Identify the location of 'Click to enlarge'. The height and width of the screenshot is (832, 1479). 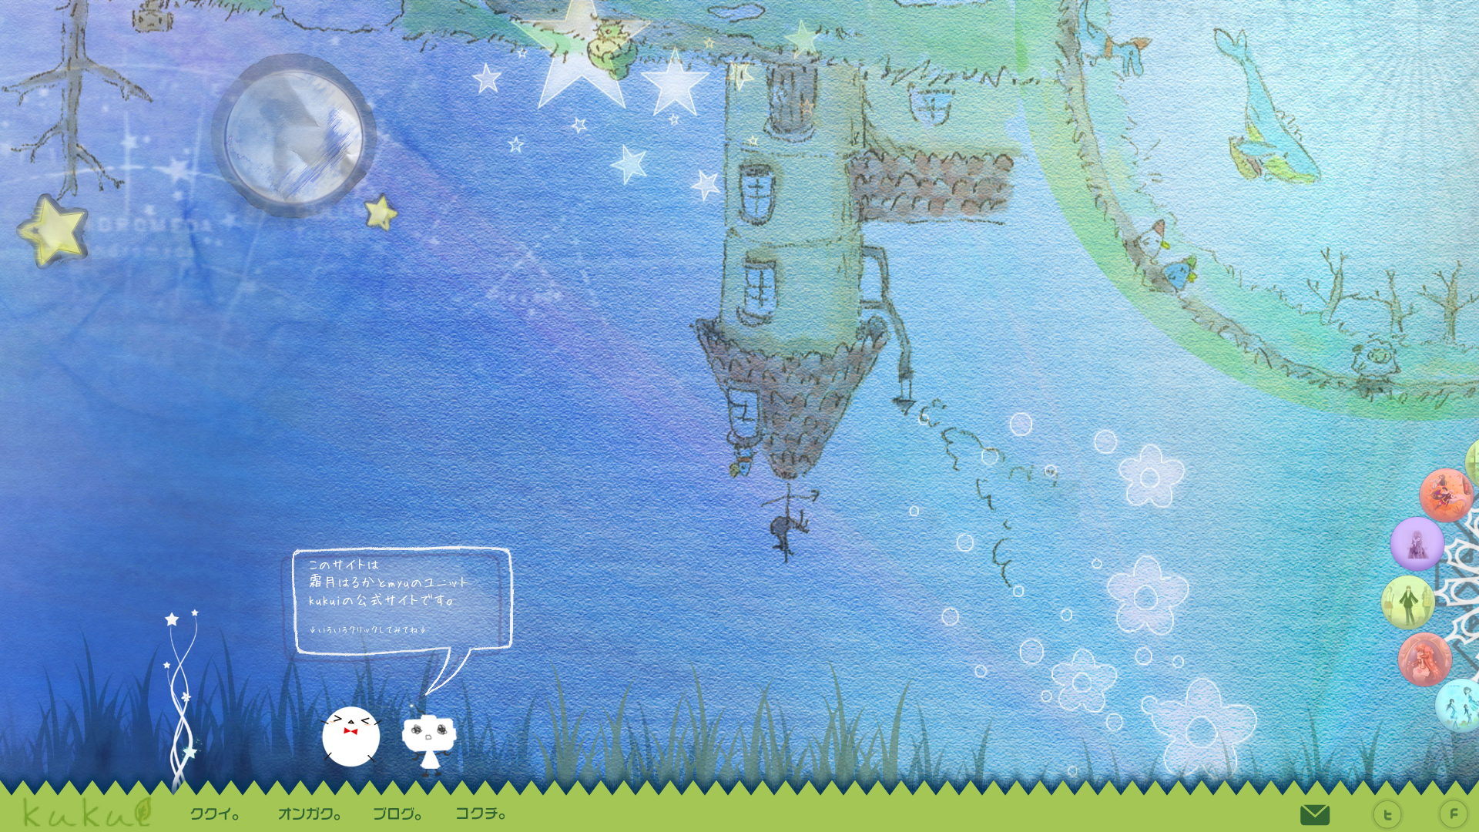
(1445, 495).